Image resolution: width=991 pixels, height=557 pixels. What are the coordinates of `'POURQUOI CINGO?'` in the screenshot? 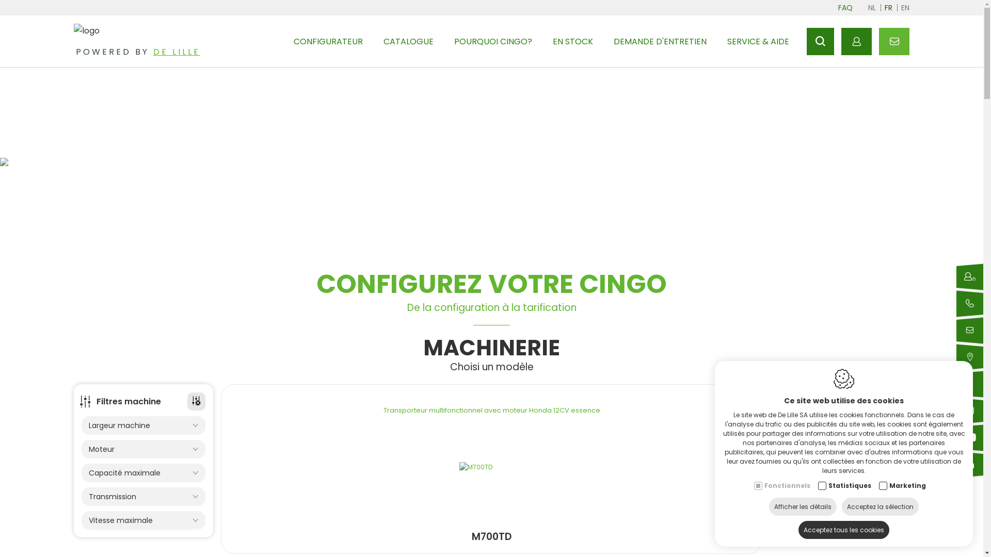 It's located at (454, 41).